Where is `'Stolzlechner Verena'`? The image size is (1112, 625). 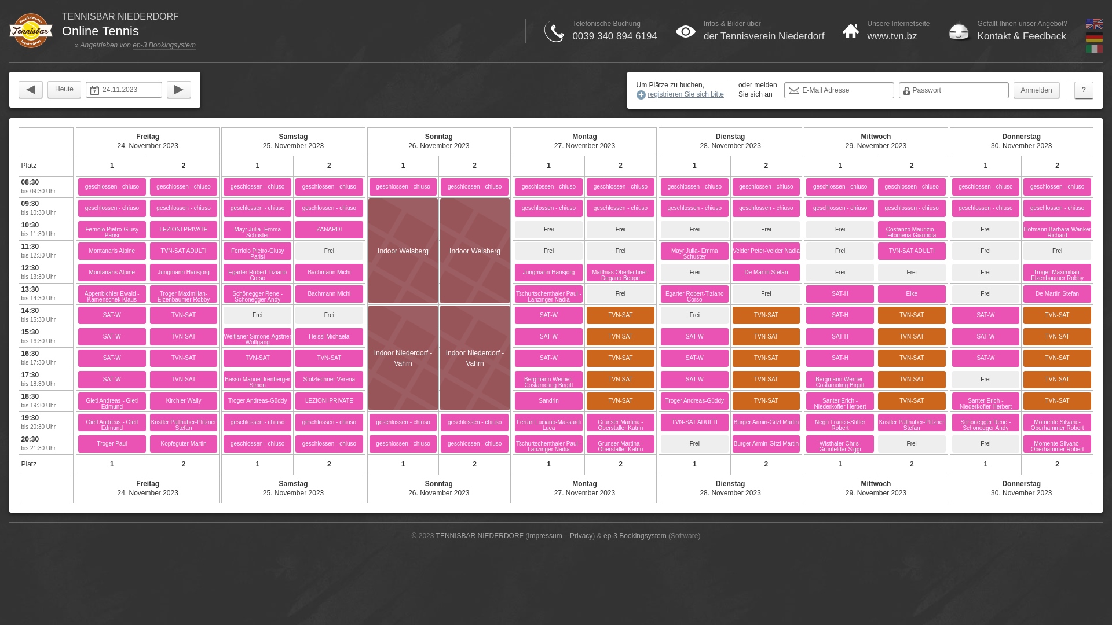
'Stolzlechner Verena' is located at coordinates (328, 379).